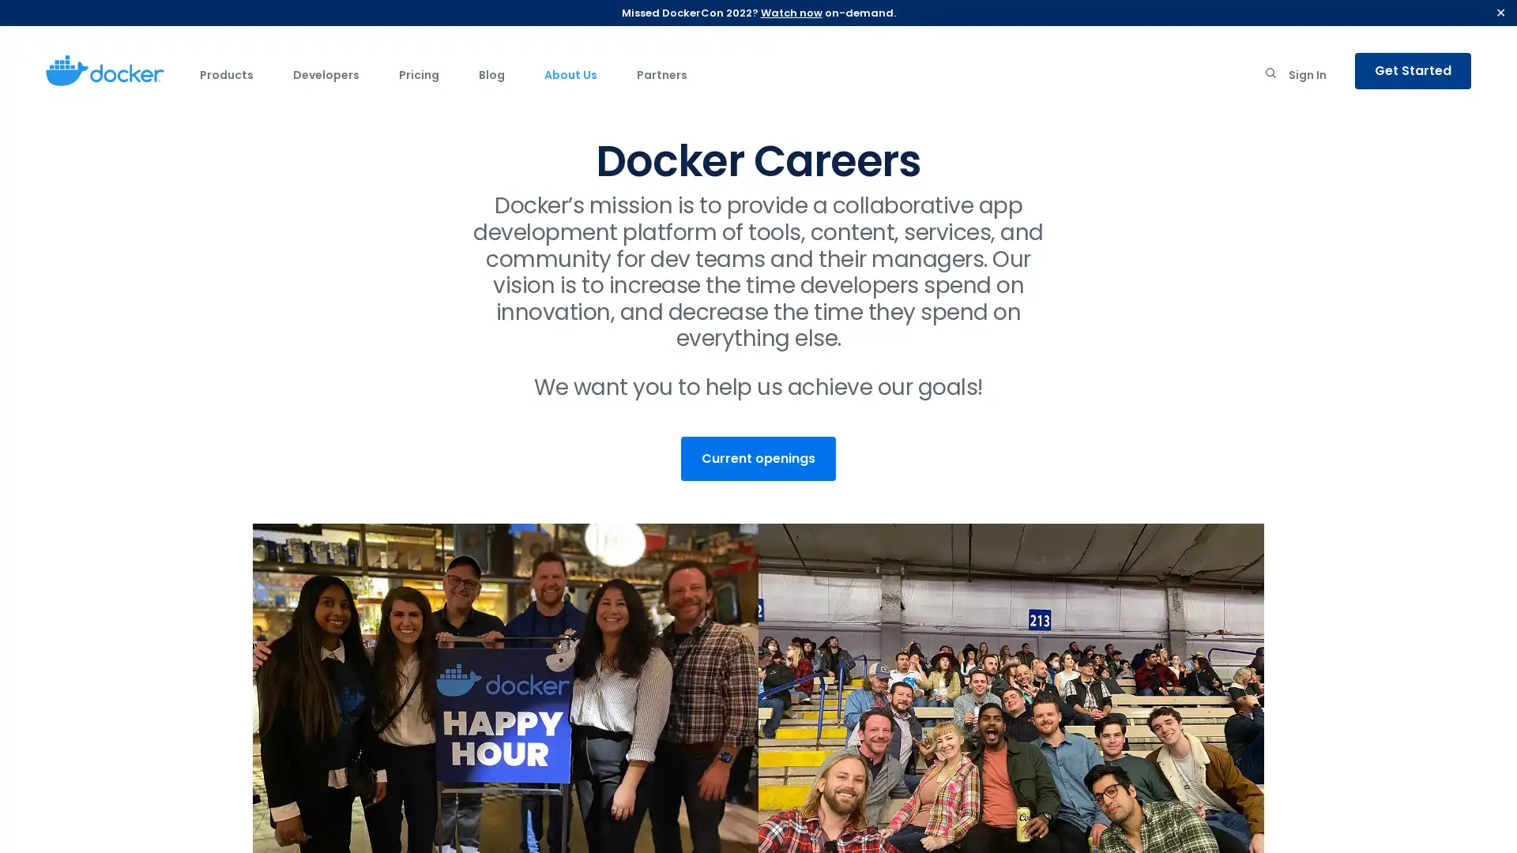 This screenshot has height=853, width=1517. What do you see at coordinates (1270, 76) in the screenshot?
I see `Search` at bounding box center [1270, 76].